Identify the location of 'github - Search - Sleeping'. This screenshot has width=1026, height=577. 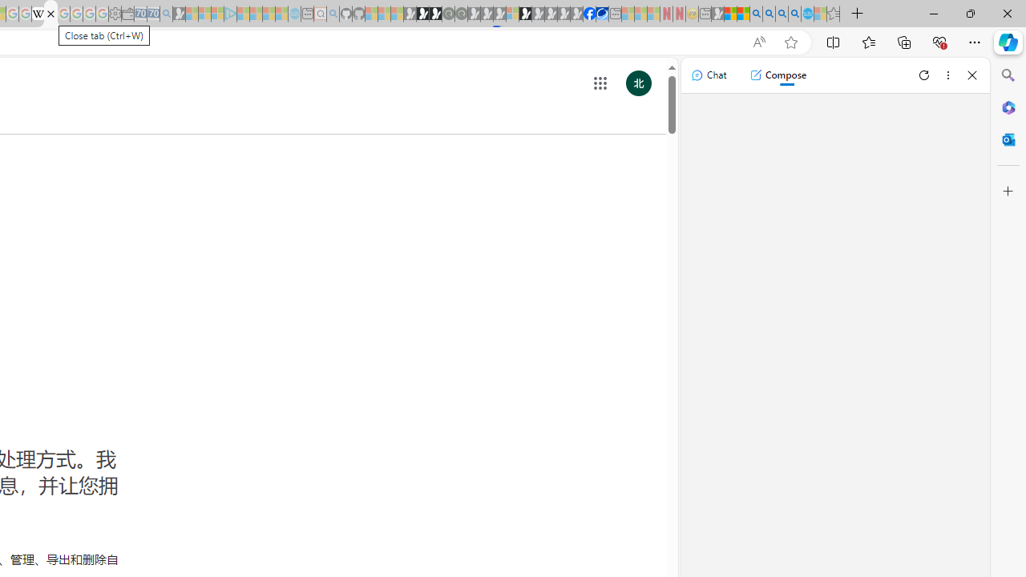
(333, 14).